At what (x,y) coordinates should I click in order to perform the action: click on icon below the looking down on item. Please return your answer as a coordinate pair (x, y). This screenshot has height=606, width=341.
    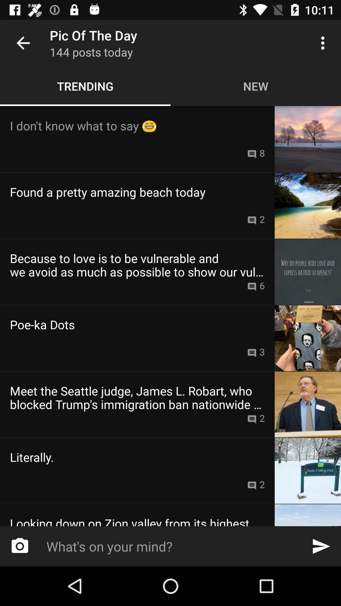
    Looking at the image, I should click on (168, 546).